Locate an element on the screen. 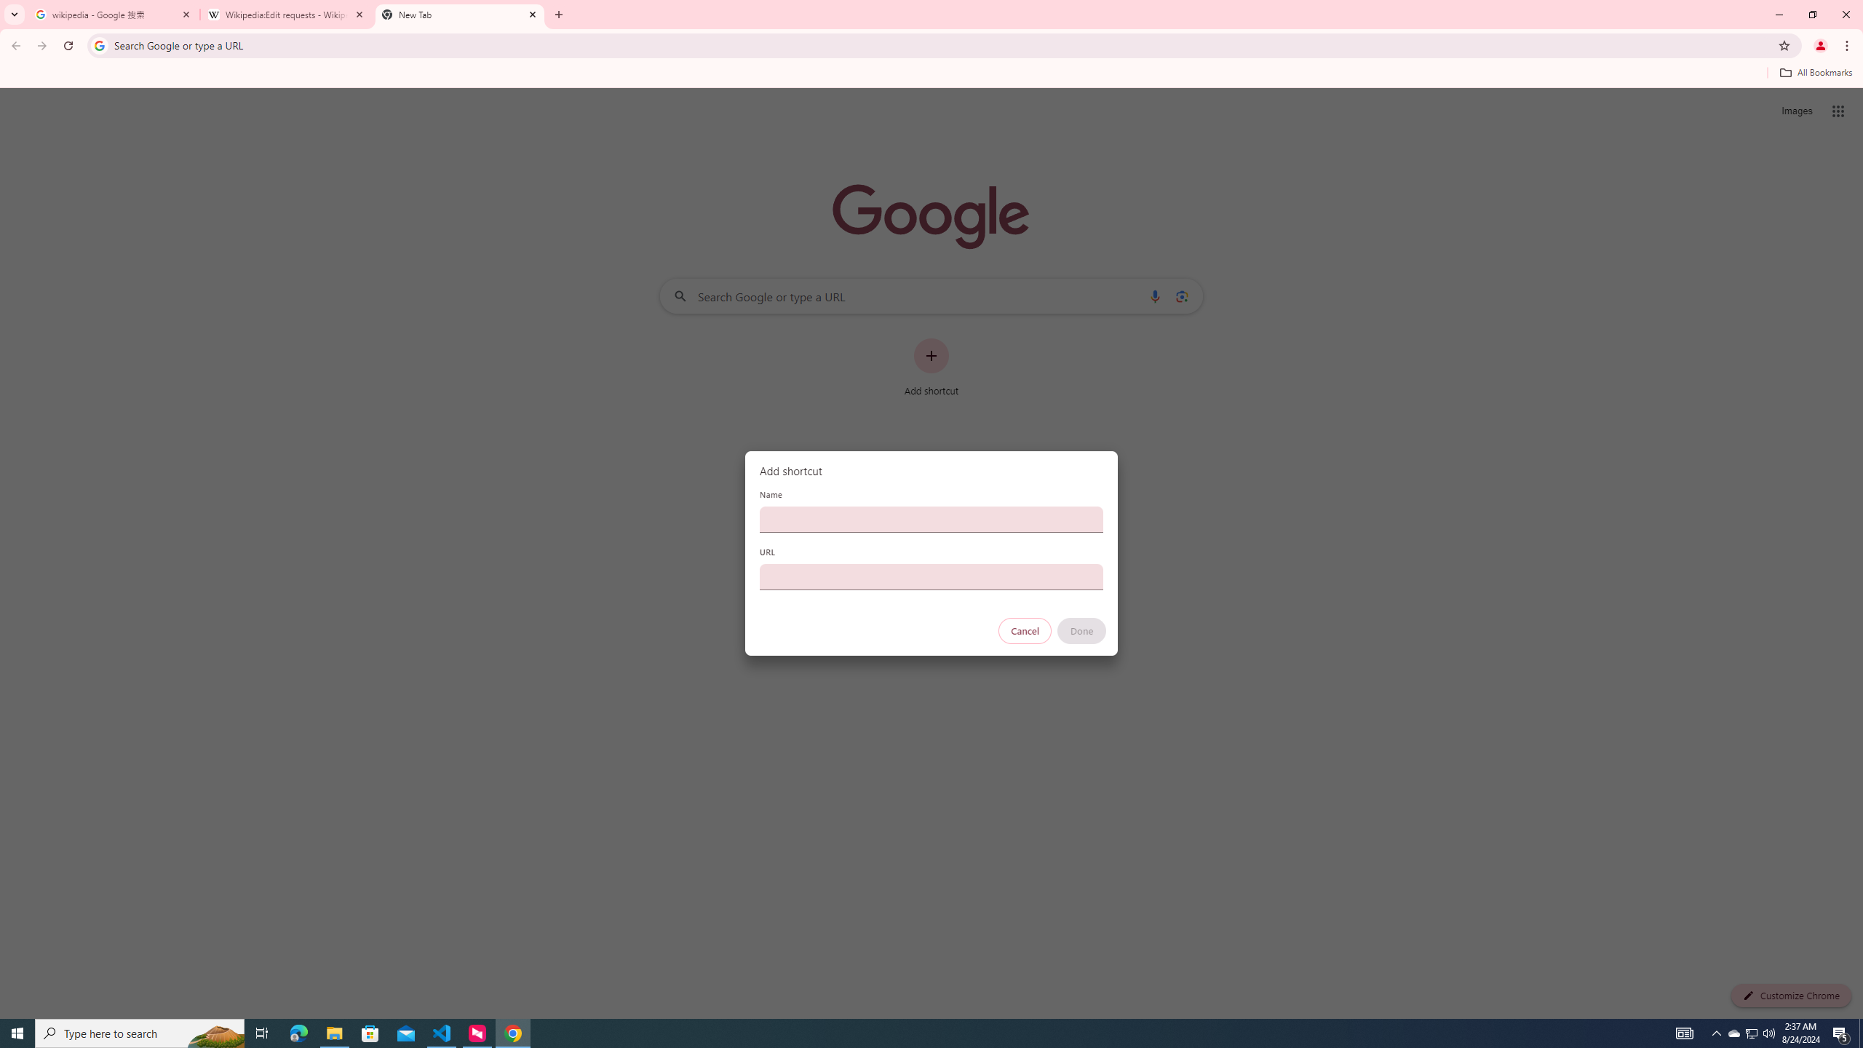 The height and width of the screenshot is (1048, 1863). 'Back' is located at coordinates (14, 45).